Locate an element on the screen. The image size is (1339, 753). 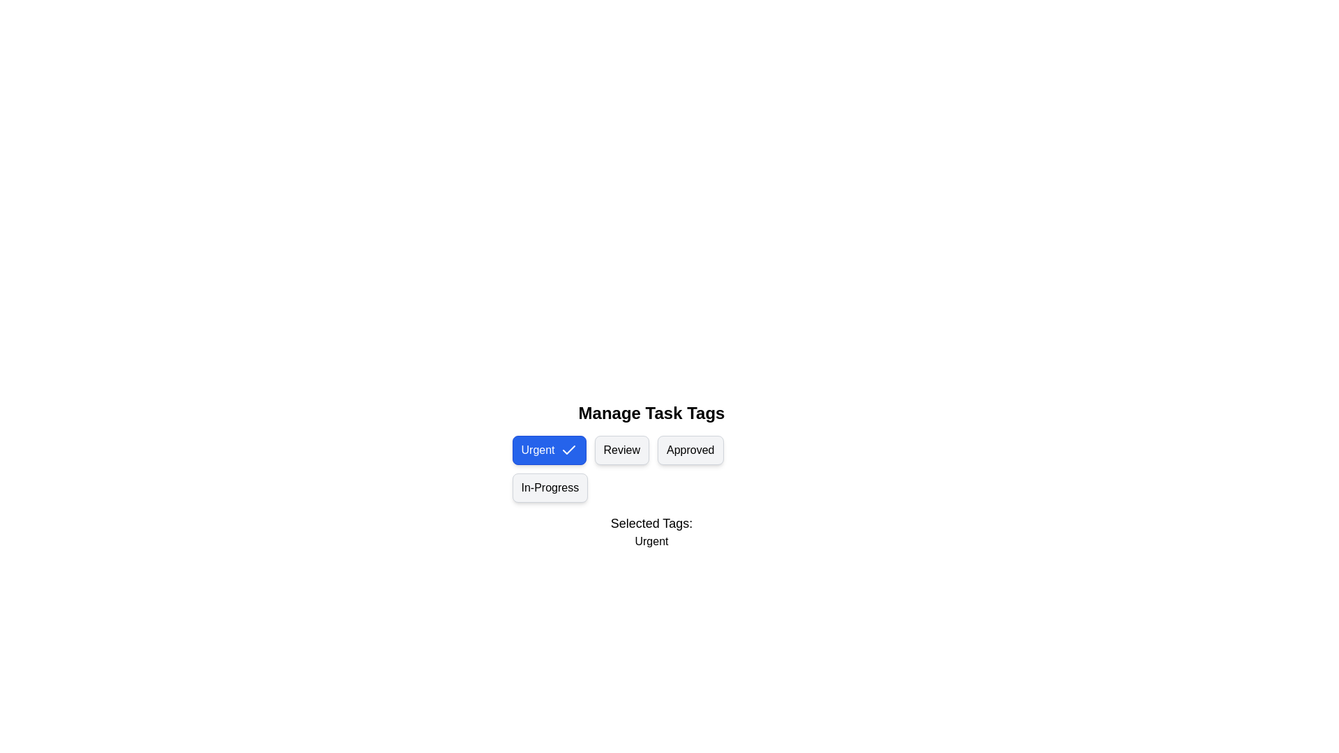
the tag chip labeled 'Approved' to observe its hover effect is located at coordinates (690, 450).